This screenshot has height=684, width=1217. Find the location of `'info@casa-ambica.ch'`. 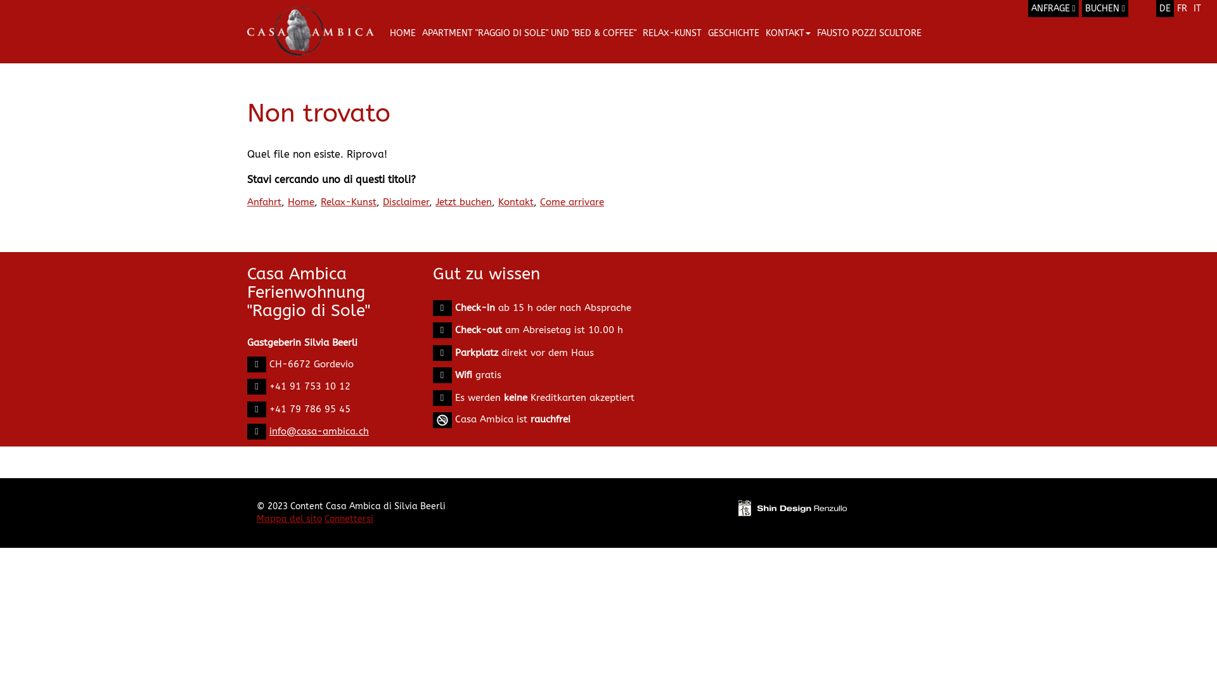

'info@casa-ambica.ch' is located at coordinates (319, 431).